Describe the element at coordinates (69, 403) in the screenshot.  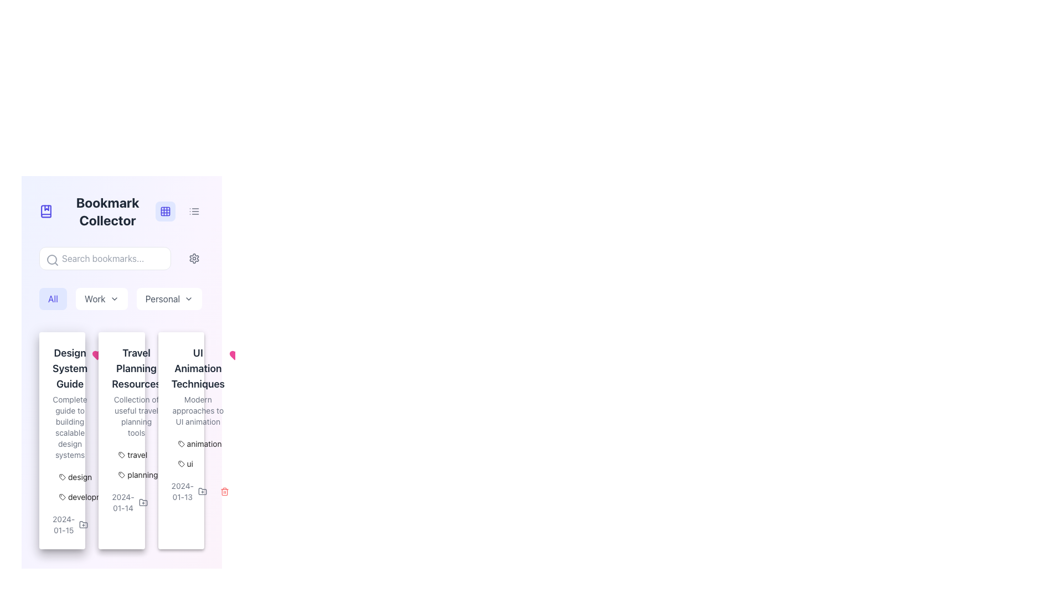
I see `the Informational card for the 'Design System Guide' located at the leftmost entry of the horizontally-scrolling list` at that location.